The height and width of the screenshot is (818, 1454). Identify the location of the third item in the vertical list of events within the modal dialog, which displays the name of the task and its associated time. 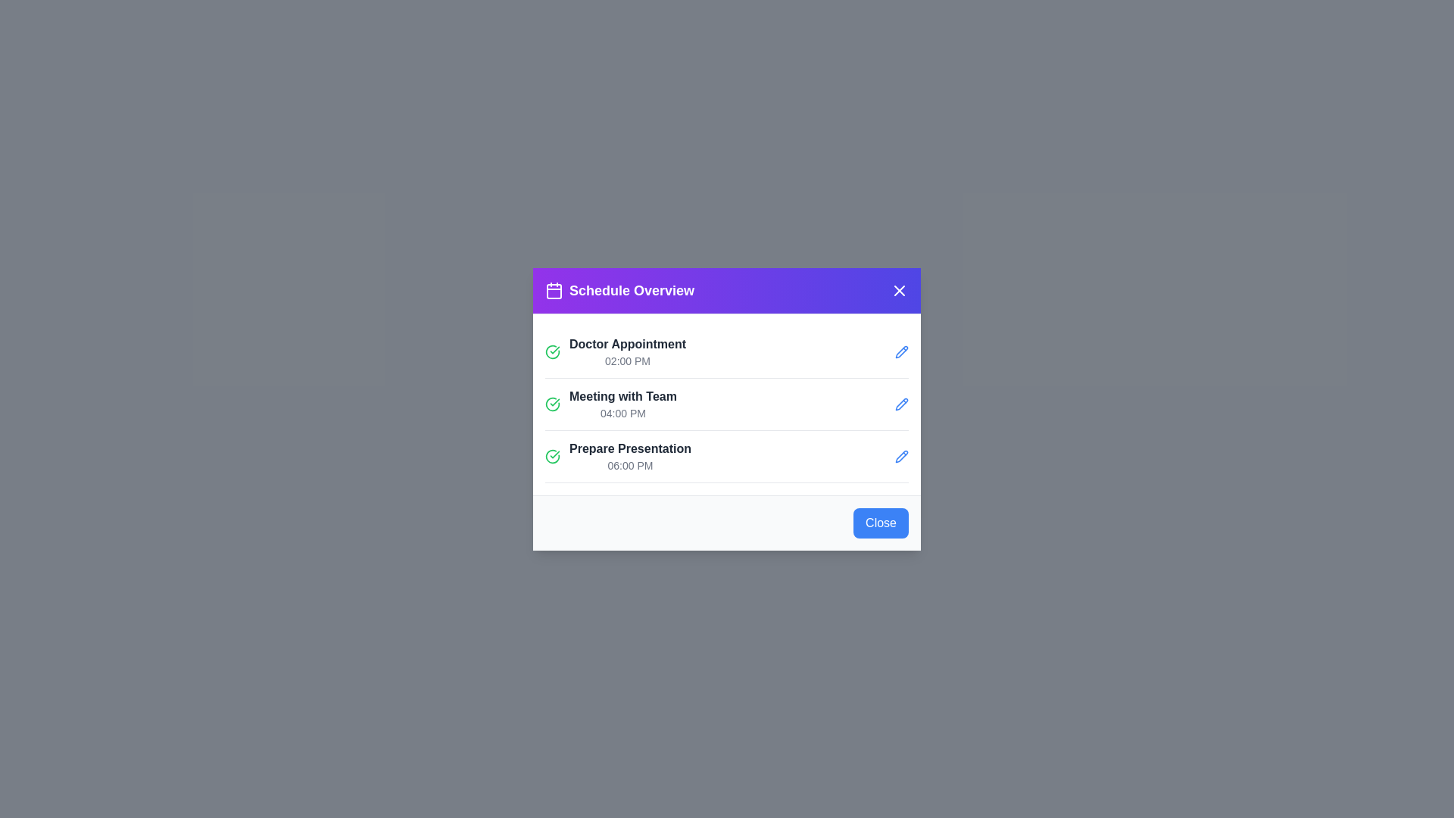
(630, 455).